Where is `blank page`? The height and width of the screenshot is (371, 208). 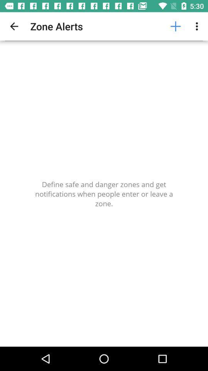 blank page is located at coordinates (104, 193).